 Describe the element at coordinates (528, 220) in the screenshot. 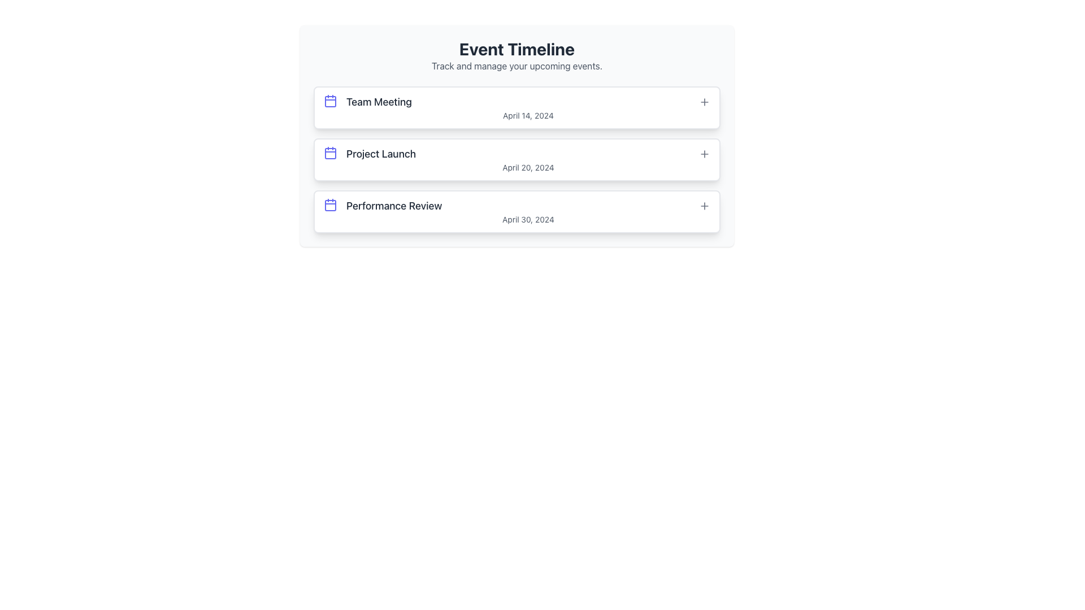

I see `the date display text label for the 'Performance Review' event located in the 'Event Timeline' list` at that location.